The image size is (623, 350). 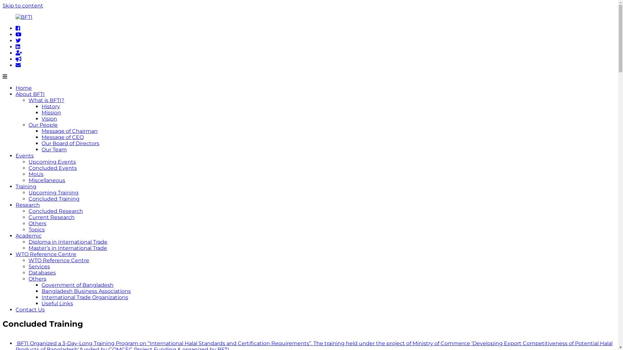 What do you see at coordinates (30, 309) in the screenshot?
I see `'Contact Us'` at bounding box center [30, 309].